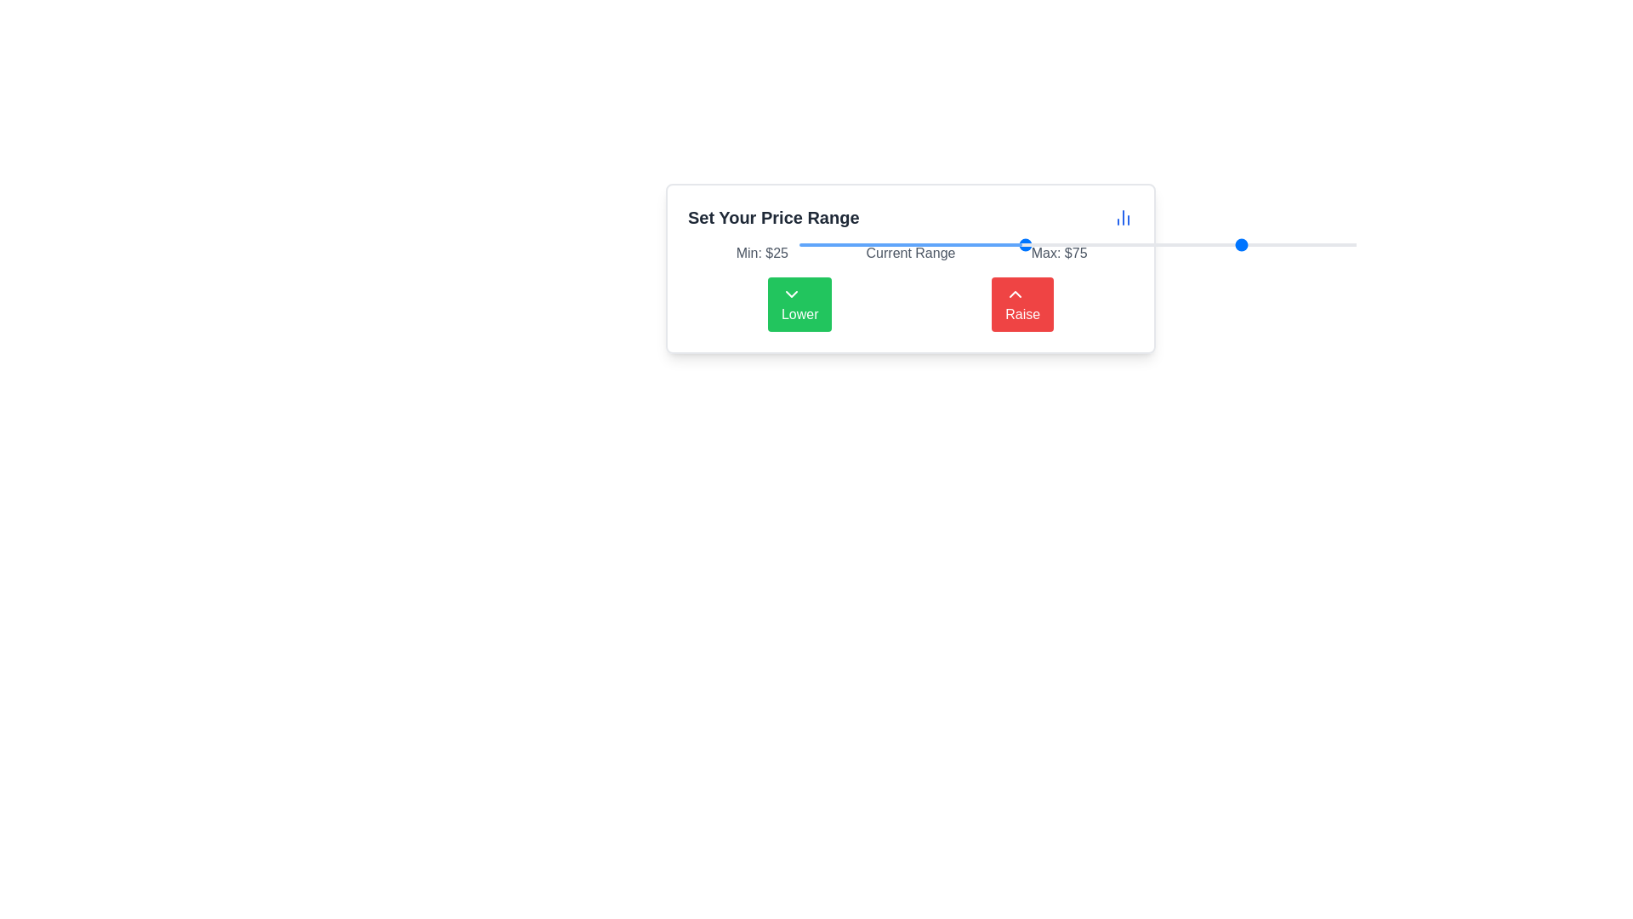 This screenshot has width=1633, height=919. Describe the element at coordinates (909, 253) in the screenshot. I see `the descriptive label indicating the current range selection in the price range setting interface, located in the second column of a three-column grid layout` at that location.